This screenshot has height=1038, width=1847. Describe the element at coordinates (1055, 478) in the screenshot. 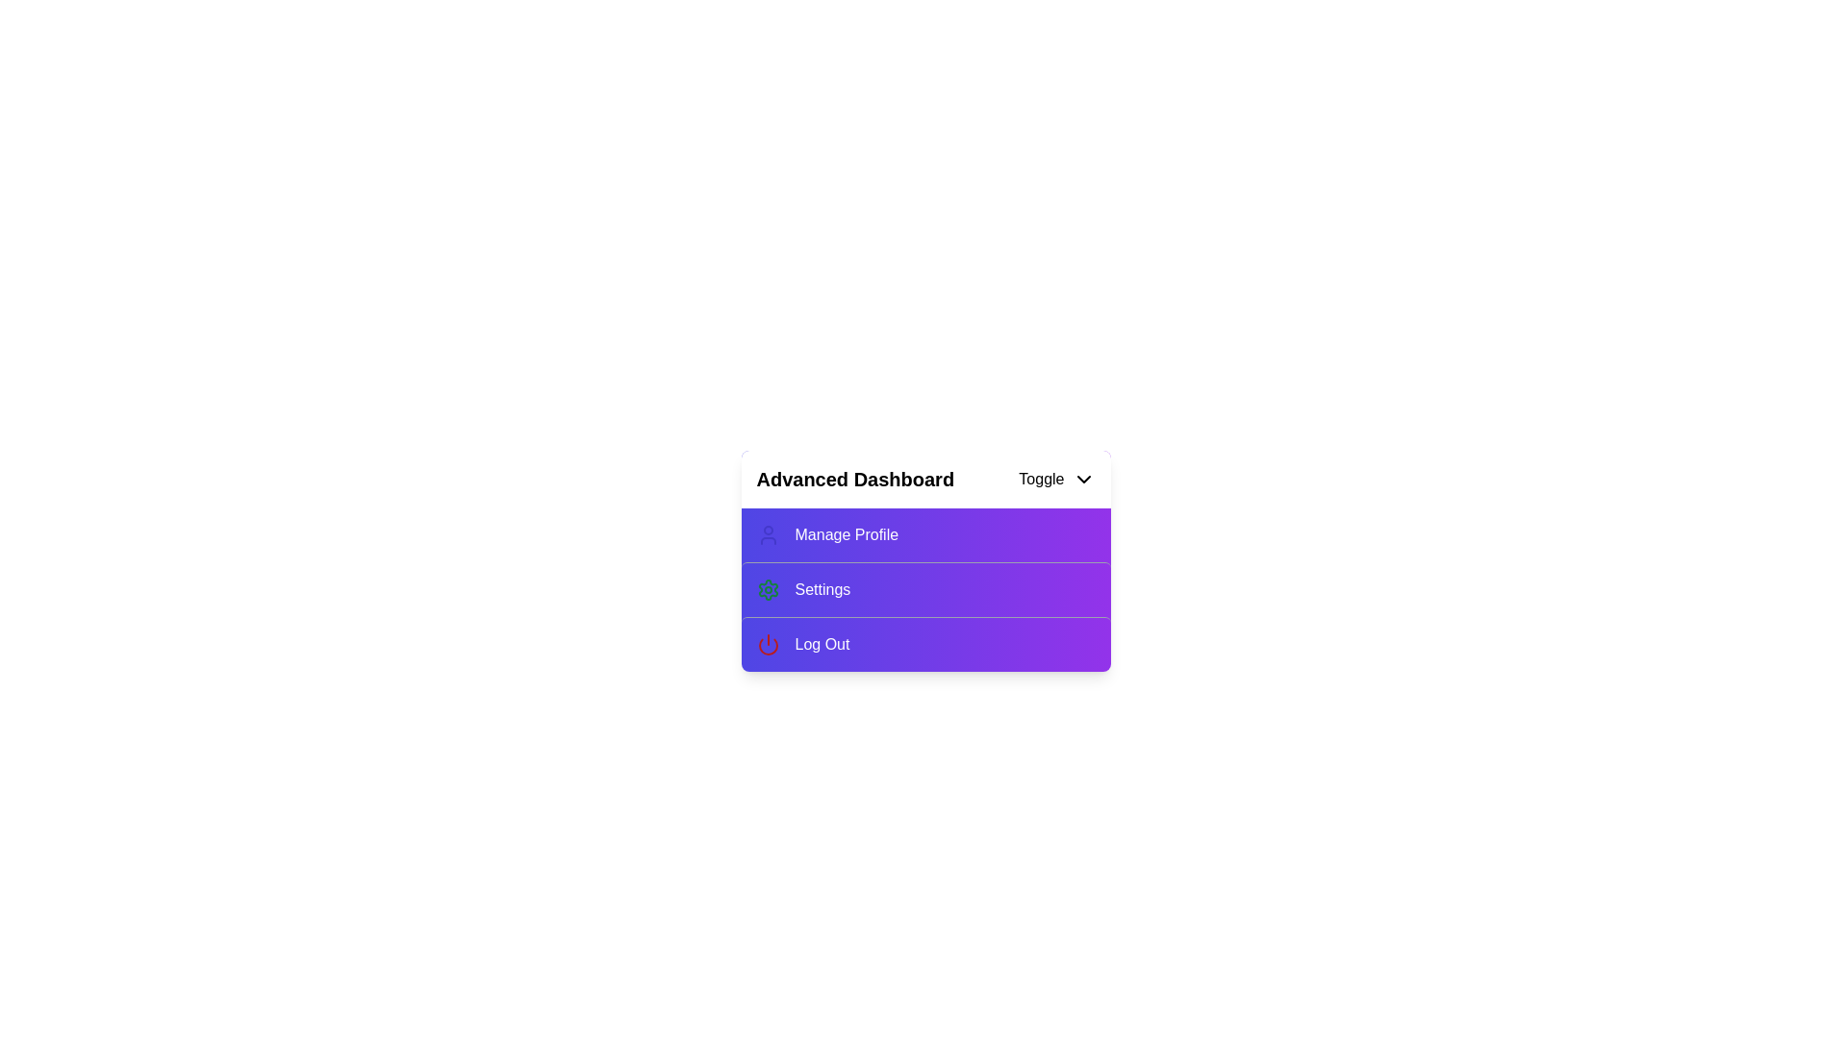

I see `the toggle button to expand or collapse the menu` at that location.